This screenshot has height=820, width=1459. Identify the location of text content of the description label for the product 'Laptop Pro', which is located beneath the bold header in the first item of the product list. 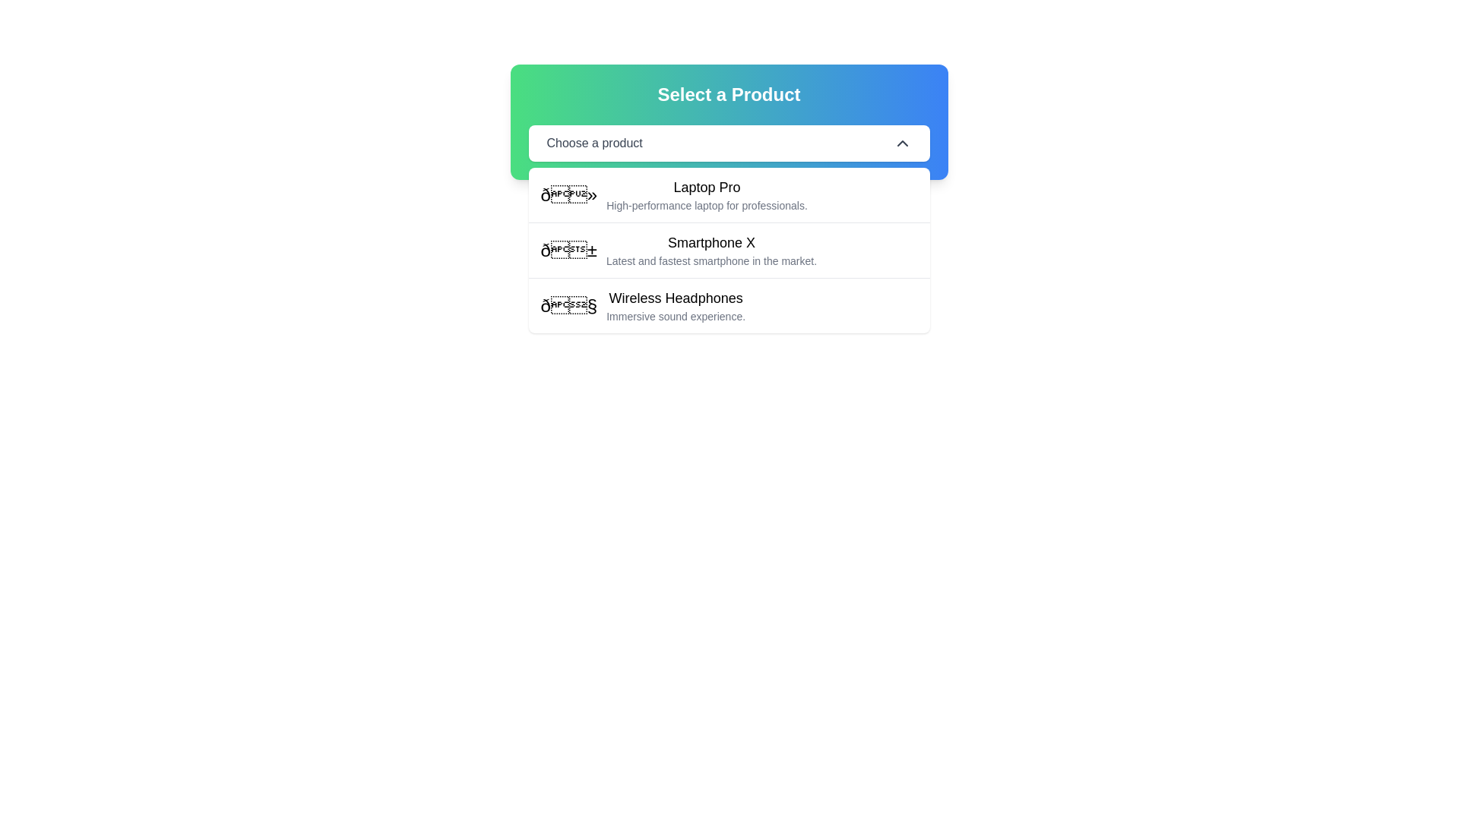
(706, 205).